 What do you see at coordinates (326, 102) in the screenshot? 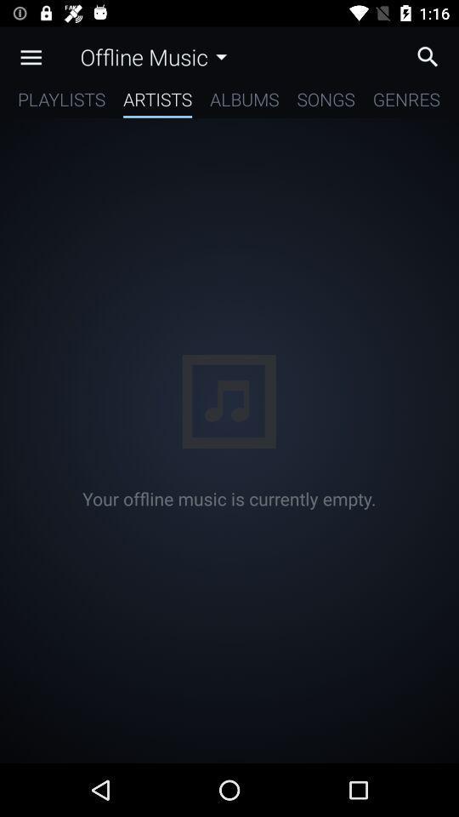
I see `the app to the right of the albums icon` at bounding box center [326, 102].